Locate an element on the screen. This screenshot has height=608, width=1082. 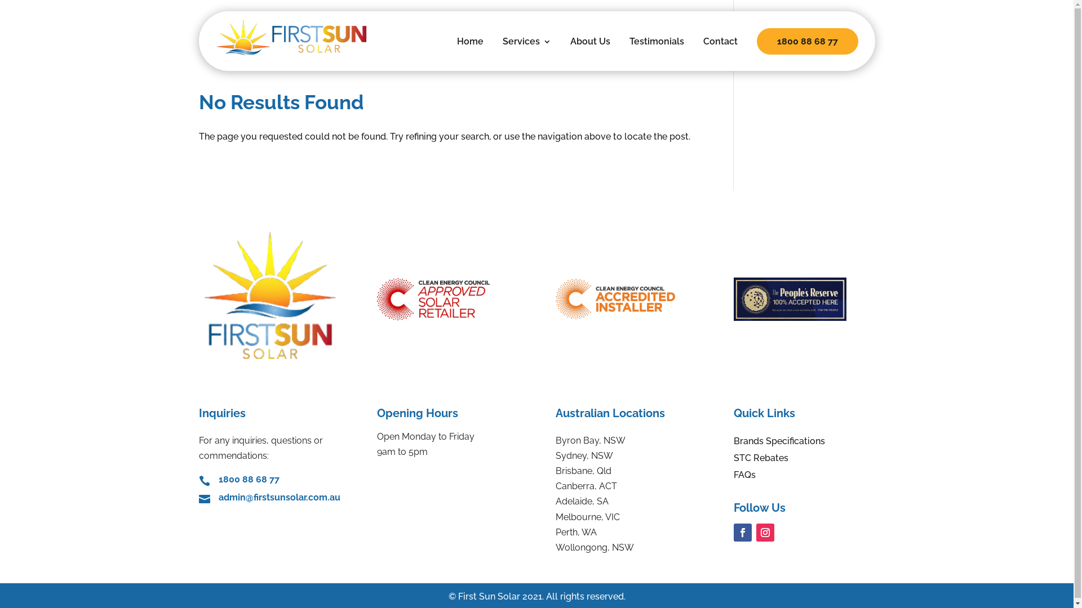
'FAQs' is located at coordinates (744, 477).